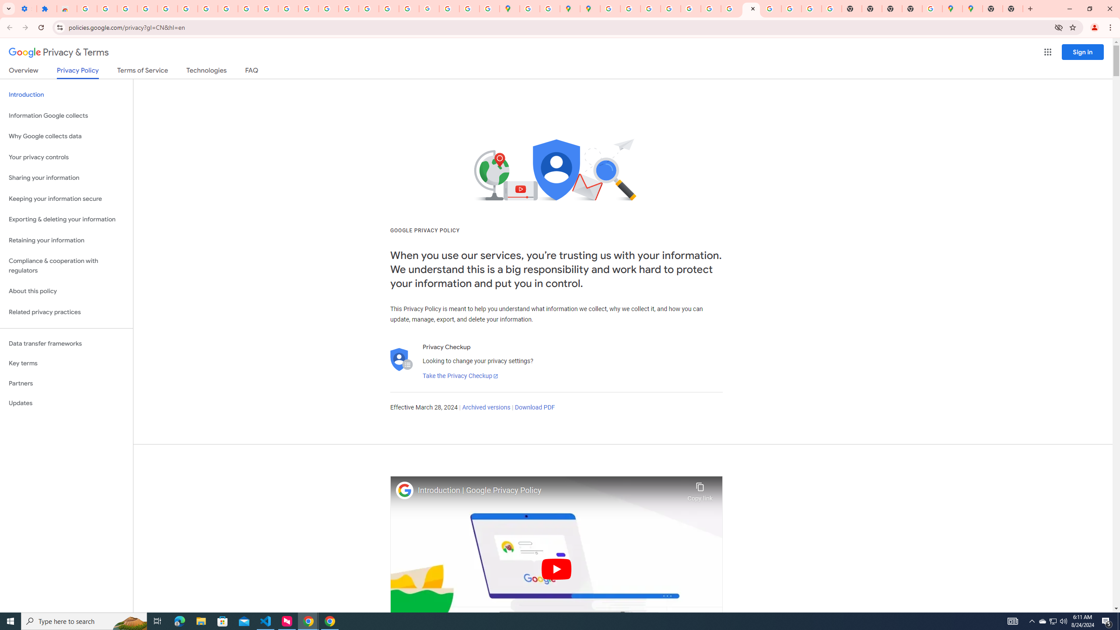 The width and height of the screenshot is (1120, 630). What do you see at coordinates (1013, 8) in the screenshot?
I see `'New Tab'` at bounding box center [1013, 8].